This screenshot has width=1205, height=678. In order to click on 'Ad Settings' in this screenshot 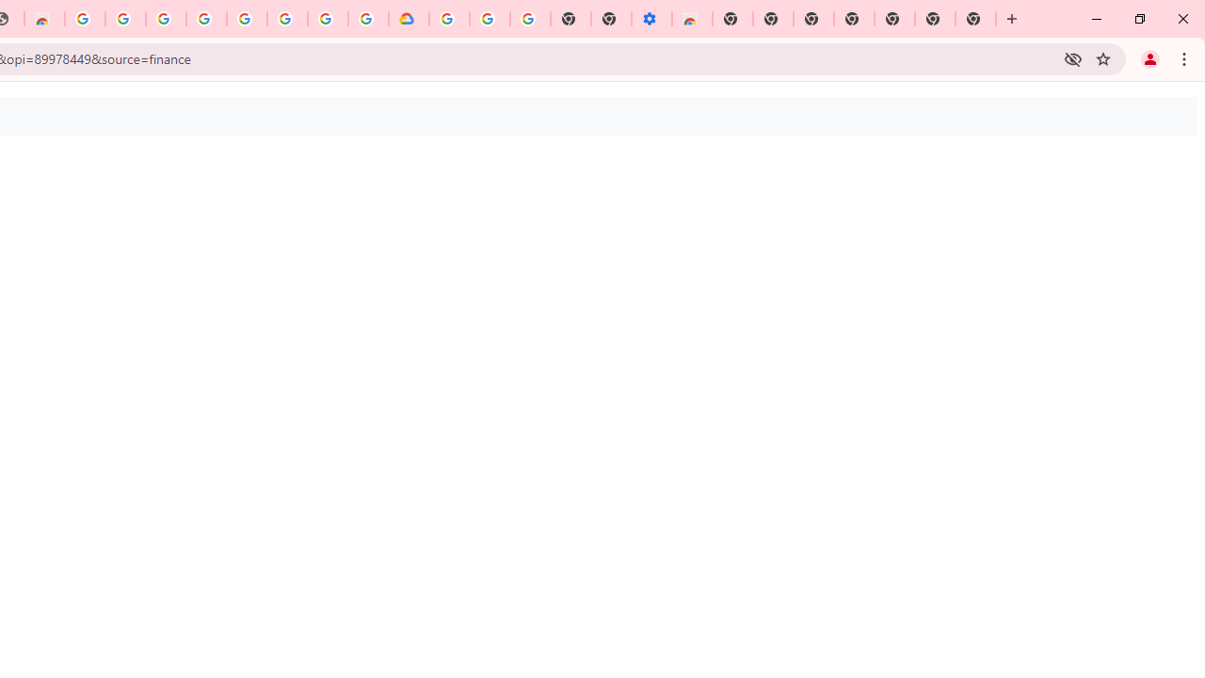, I will do `click(166, 19)`.